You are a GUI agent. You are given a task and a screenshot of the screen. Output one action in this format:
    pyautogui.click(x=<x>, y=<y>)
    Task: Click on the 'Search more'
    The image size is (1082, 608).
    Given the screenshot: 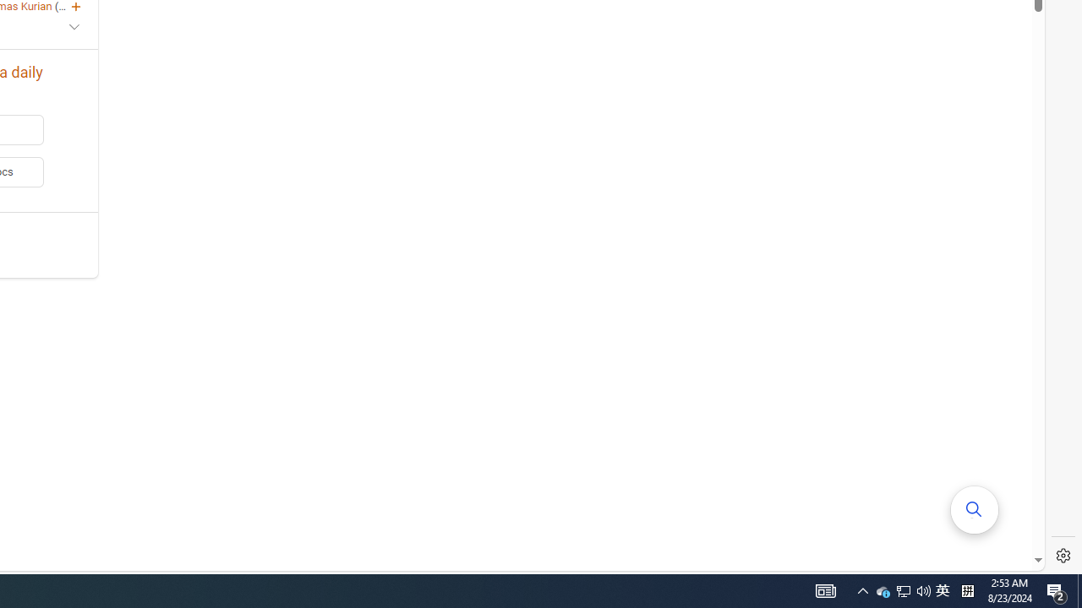 What is the action you would take?
    pyautogui.click(x=975, y=509)
    